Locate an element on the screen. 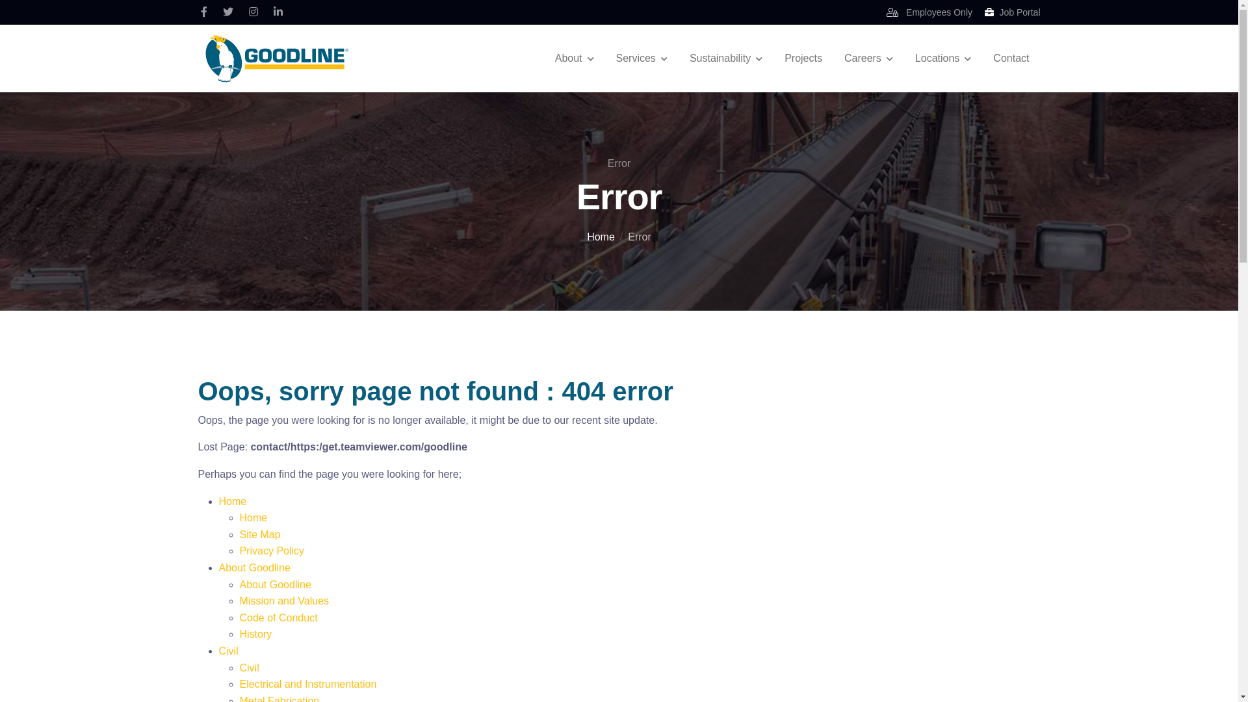 This screenshot has height=702, width=1248. 'Civil' is located at coordinates (227, 651).